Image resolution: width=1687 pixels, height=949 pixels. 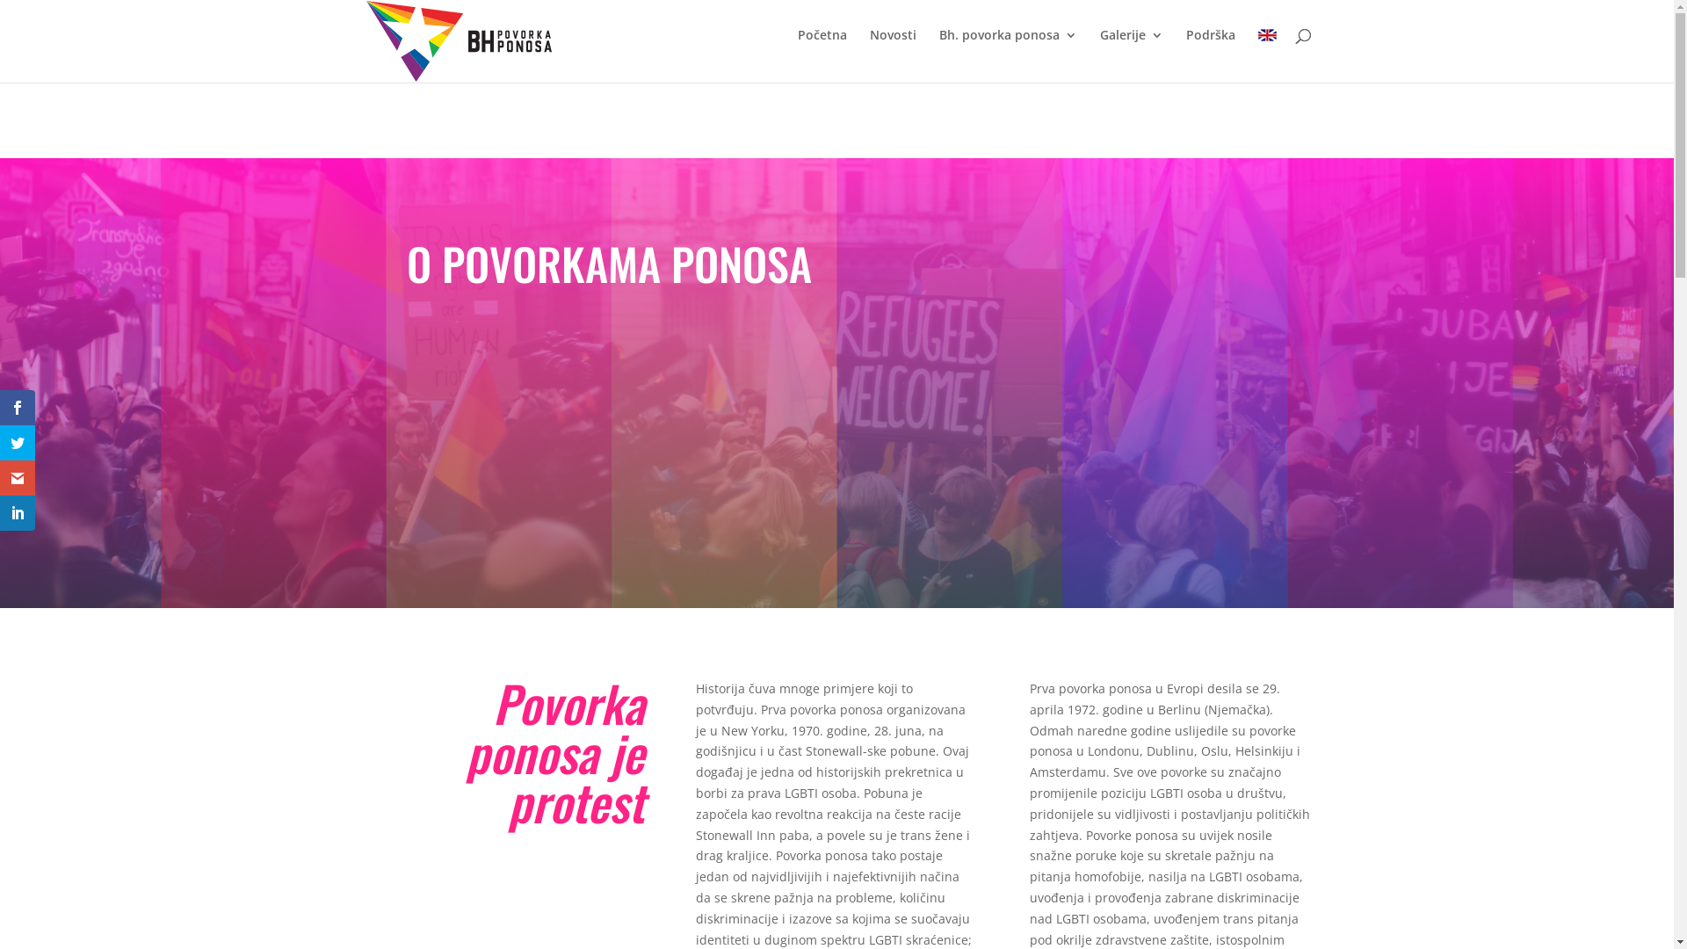 I want to click on 'Galerije', so click(x=1099, y=48).